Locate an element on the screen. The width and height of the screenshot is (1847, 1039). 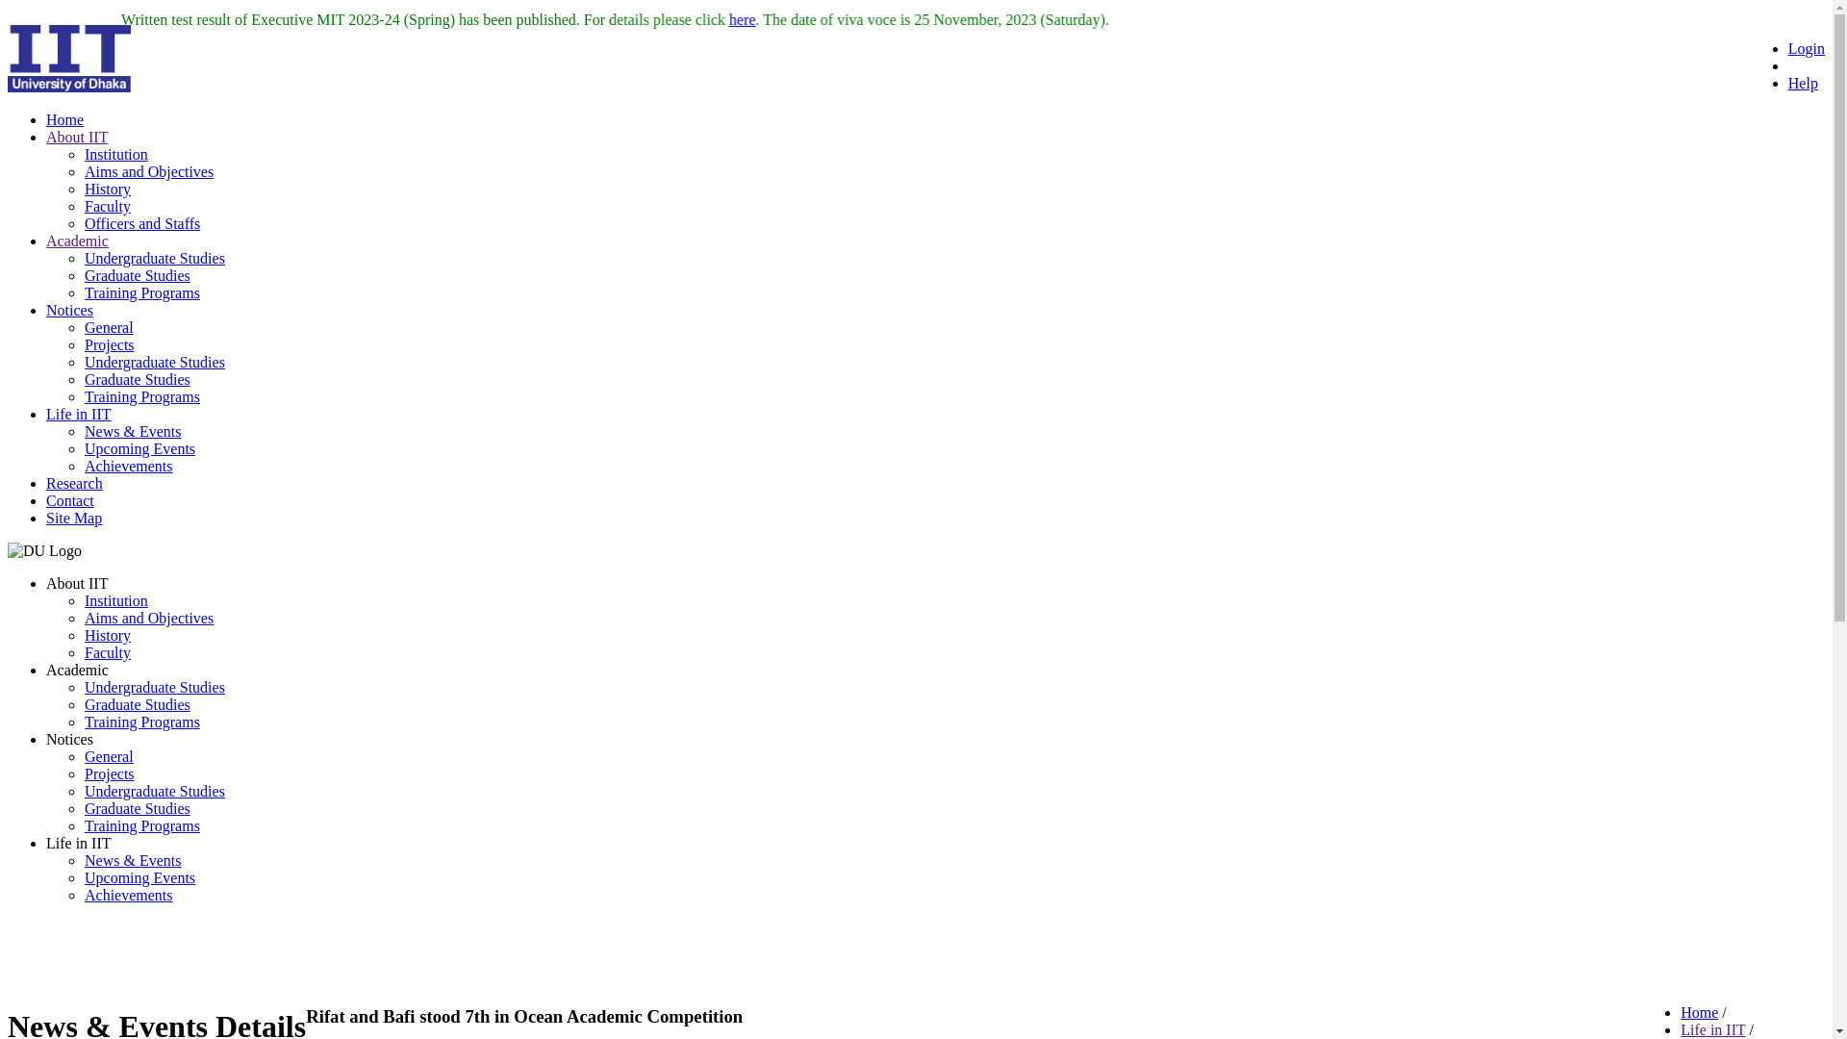
'Institution' is located at coordinates (114, 153).